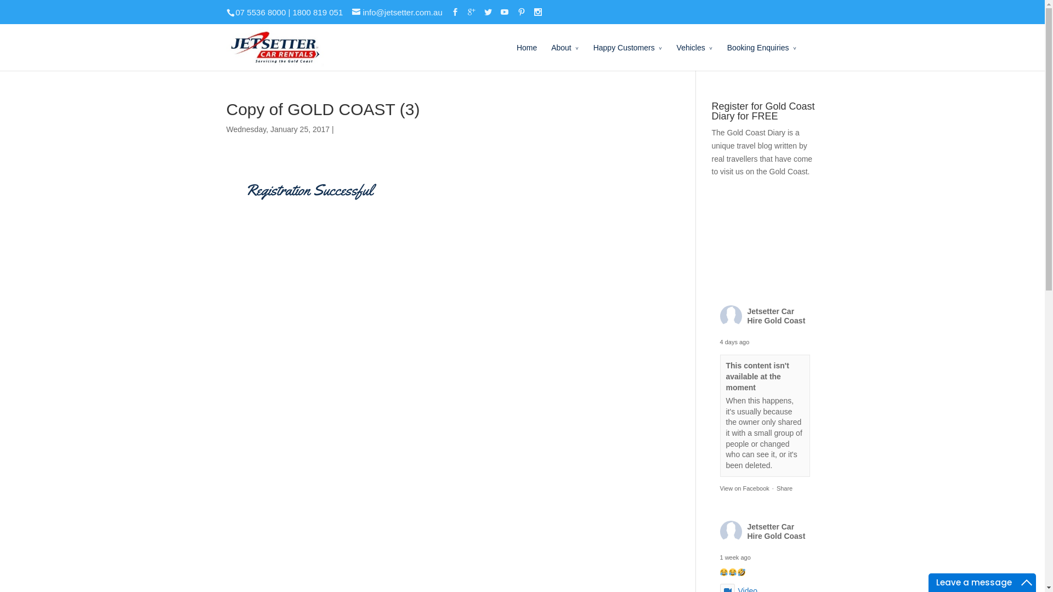 Image resolution: width=1053 pixels, height=592 pixels. I want to click on 'Happy Customers', so click(628, 55).